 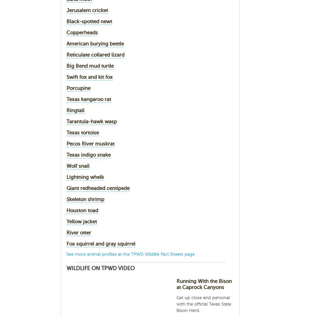 What do you see at coordinates (82, 32) in the screenshot?
I see `'Copperheads'` at bounding box center [82, 32].